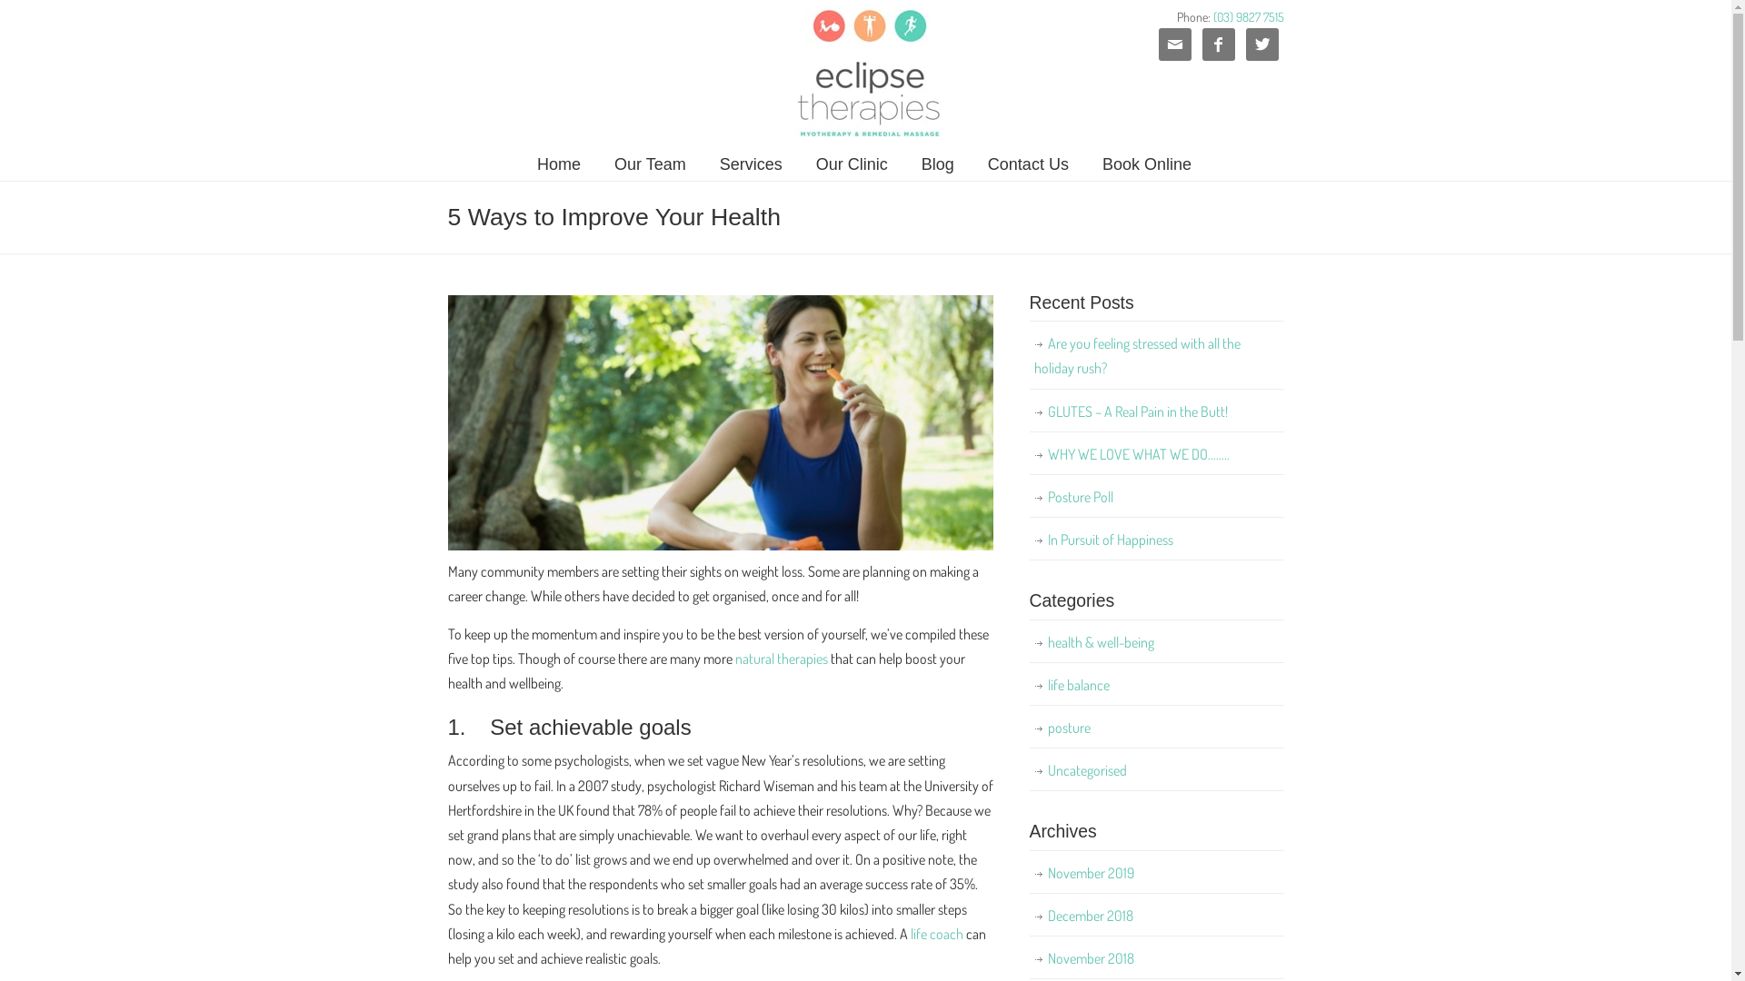 The width and height of the screenshot is (1745, 981). I want to click on 'In Pursuit of Happiness', so click(1155, 539).